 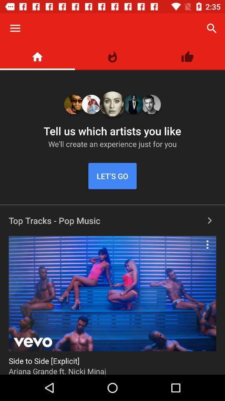 What do you see at coordinates (112, 176) in the screenshot?
I see `item below the we ll create item` at bounding box center [112, 176].